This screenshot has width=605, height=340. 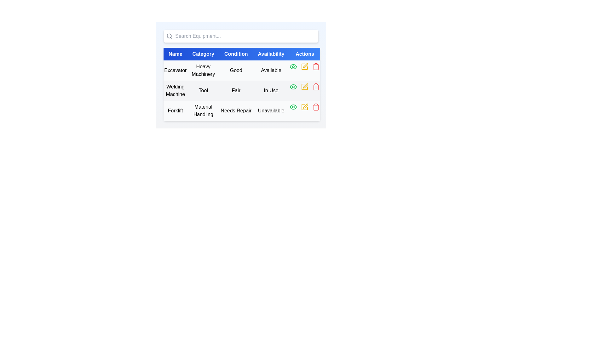 I want to click on the Text Label that serves as a category label for the 'Welding Machine' item, located in the second cell under the 'Category' column of the data grid, so click(x=203, y=91).